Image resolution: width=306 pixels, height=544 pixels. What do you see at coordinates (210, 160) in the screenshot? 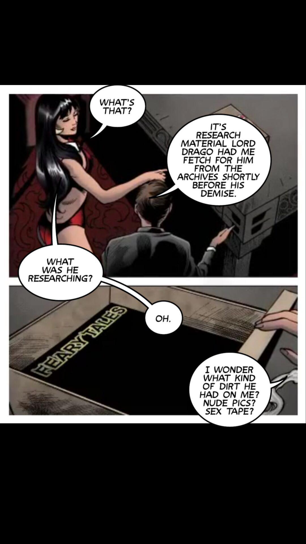
I see `it 's research material lord drago had me fetch for him from the archives shortly before his demise` at bounding box center [210, 160].